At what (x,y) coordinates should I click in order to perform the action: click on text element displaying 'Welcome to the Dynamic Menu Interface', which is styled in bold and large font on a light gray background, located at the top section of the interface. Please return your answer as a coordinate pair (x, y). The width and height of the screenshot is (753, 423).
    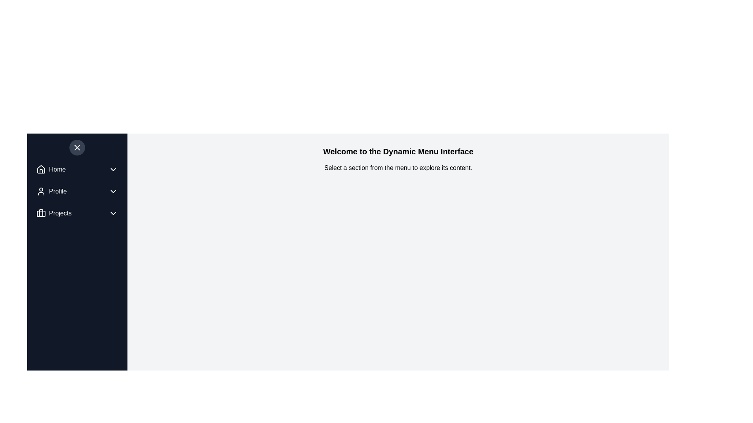
    Looking at the image, I should click on (398, 151).